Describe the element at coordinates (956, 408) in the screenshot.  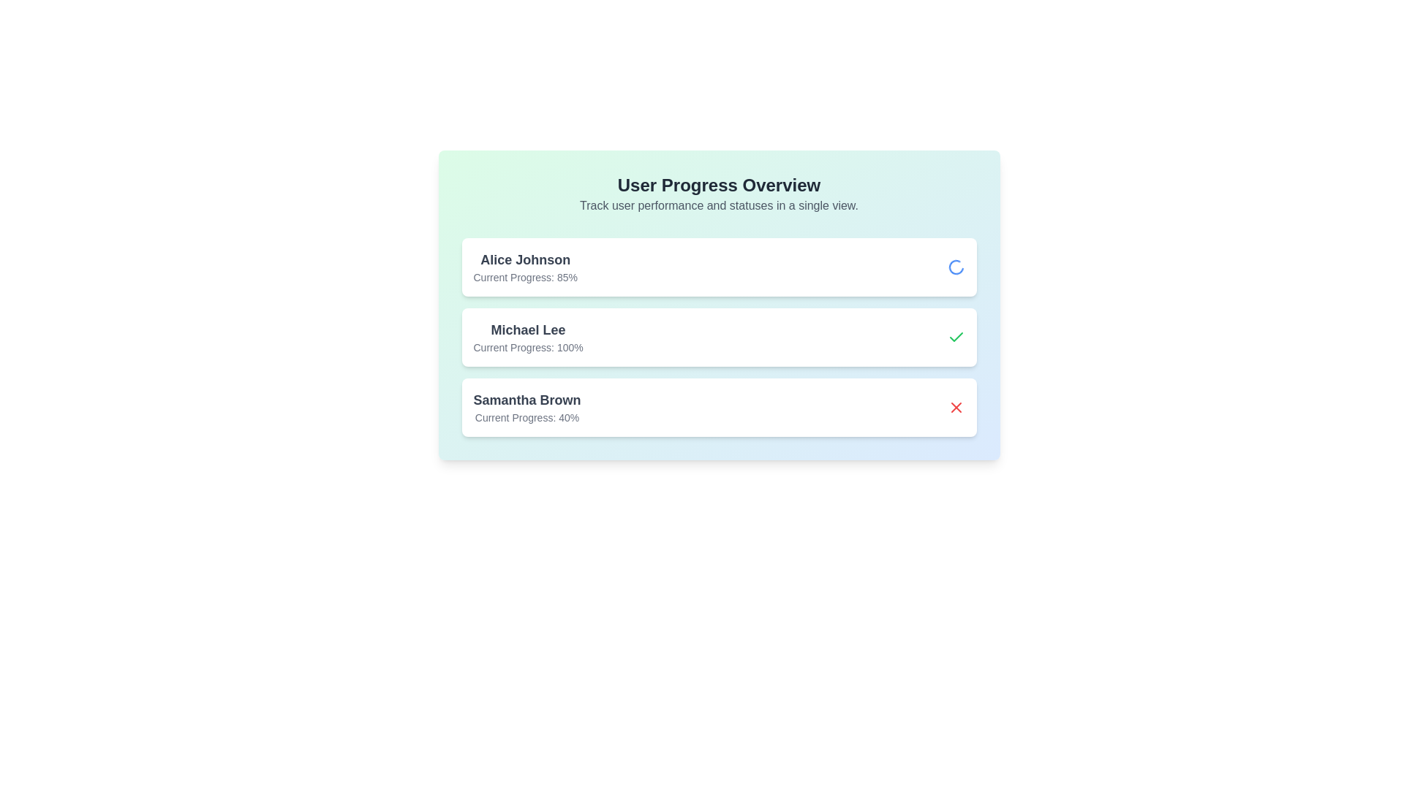
I see `the vibrant red cross icon button located at the right end of the card displaying 'Samantha Brown' and 'Current Progress: 40%'` at that location.